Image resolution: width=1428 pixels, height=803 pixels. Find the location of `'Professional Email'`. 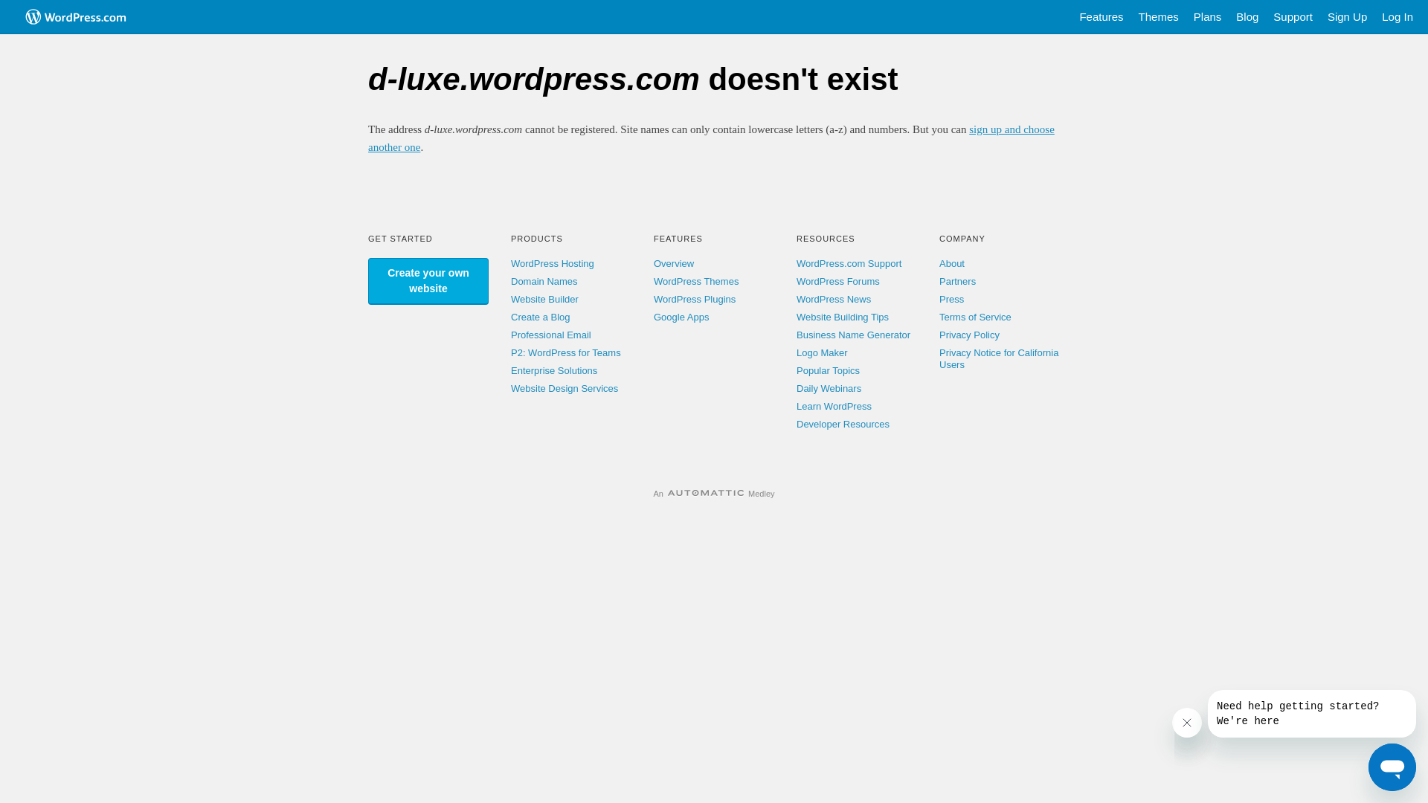

'Professional Email' is located at coordinates (550, 335).